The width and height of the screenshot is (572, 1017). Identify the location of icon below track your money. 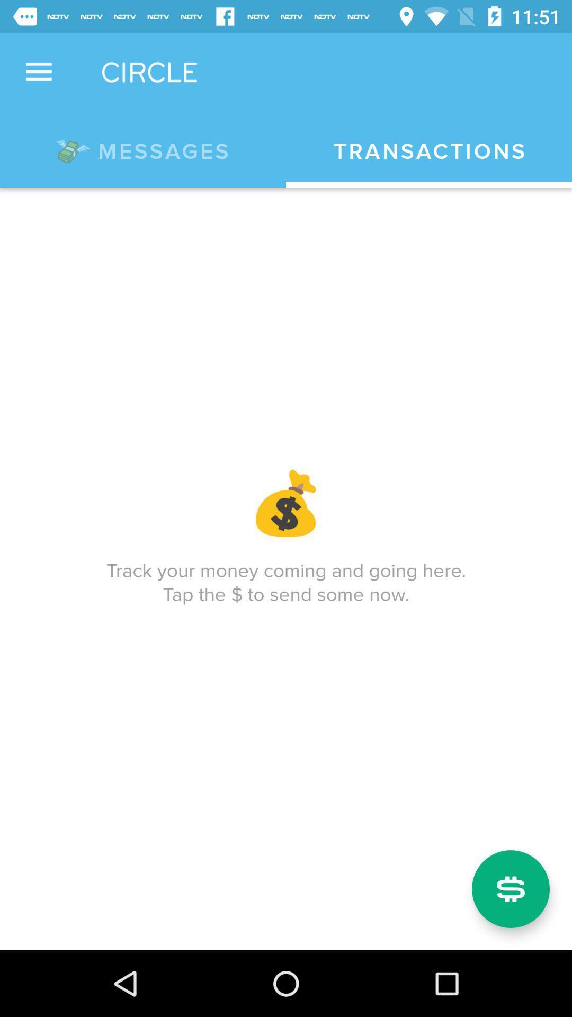
(510, 889).